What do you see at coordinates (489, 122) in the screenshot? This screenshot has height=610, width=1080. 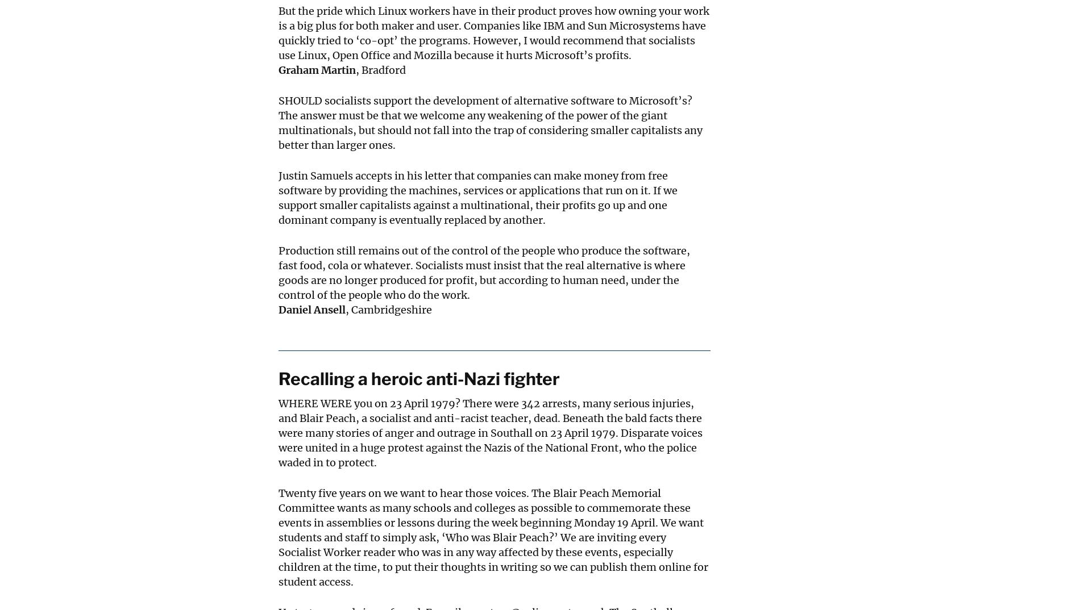 I see `'SHOULD socialists support the development of alternative software to Microsoft’s? The answer must be that we welcome any weakening of the power of the giant multinationals, but should not fall into the trap of considering smaller capitalists any better than larger ones.'` at bounding box center [489, 122].